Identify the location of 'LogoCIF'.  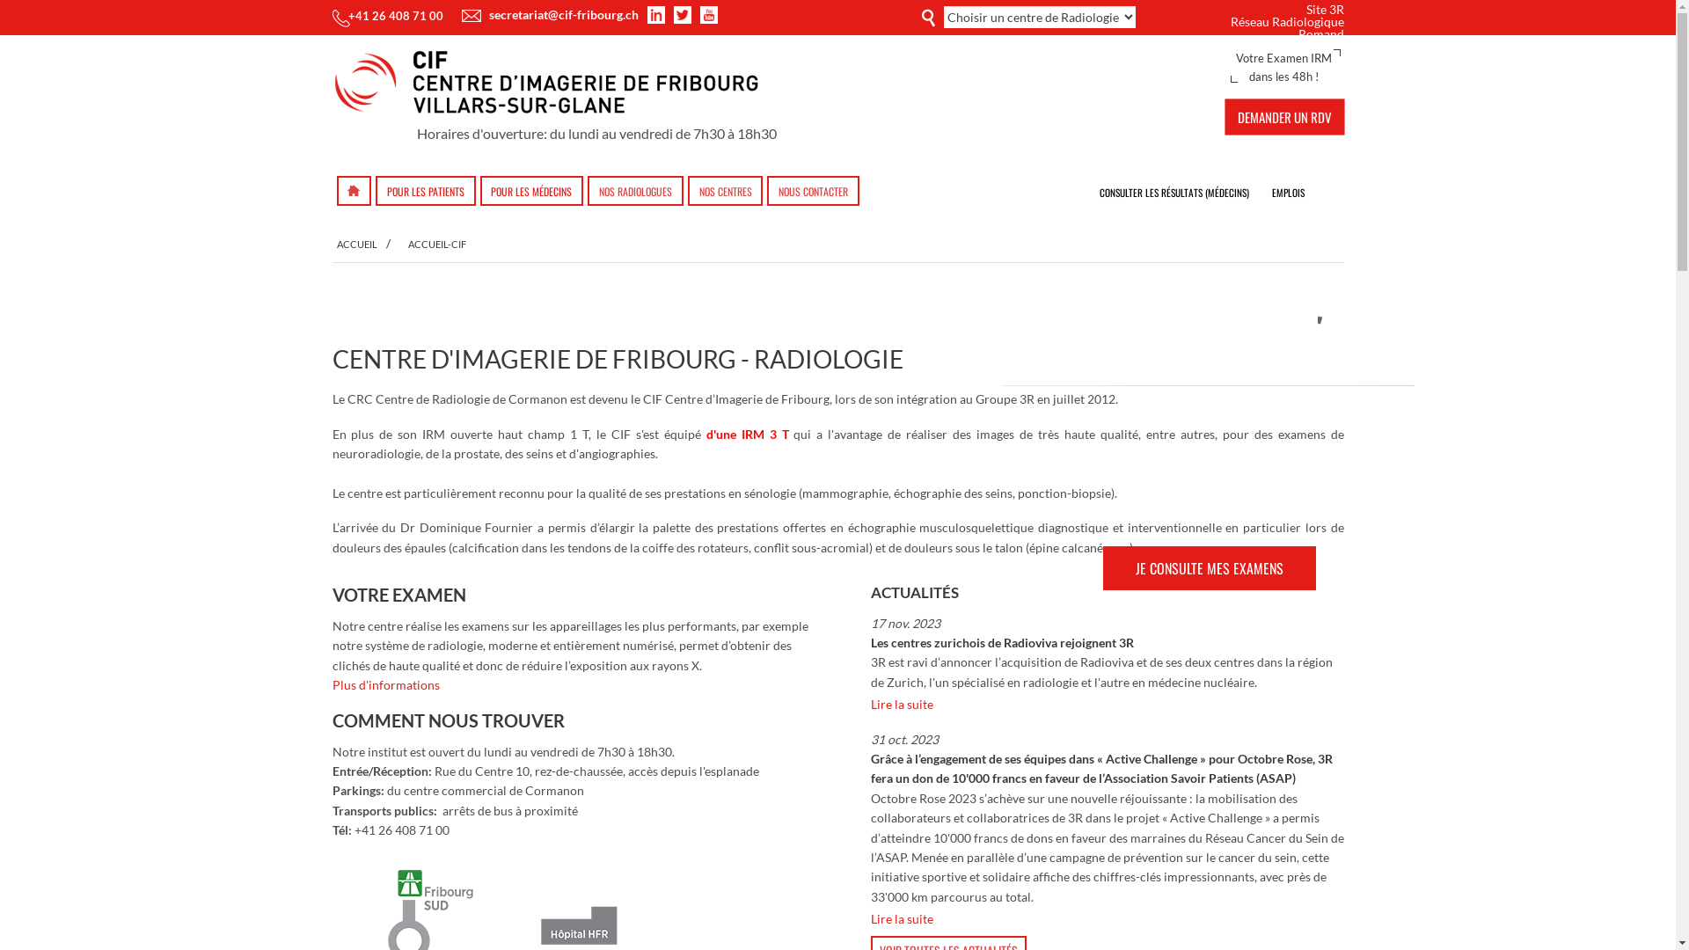
(553, 86).